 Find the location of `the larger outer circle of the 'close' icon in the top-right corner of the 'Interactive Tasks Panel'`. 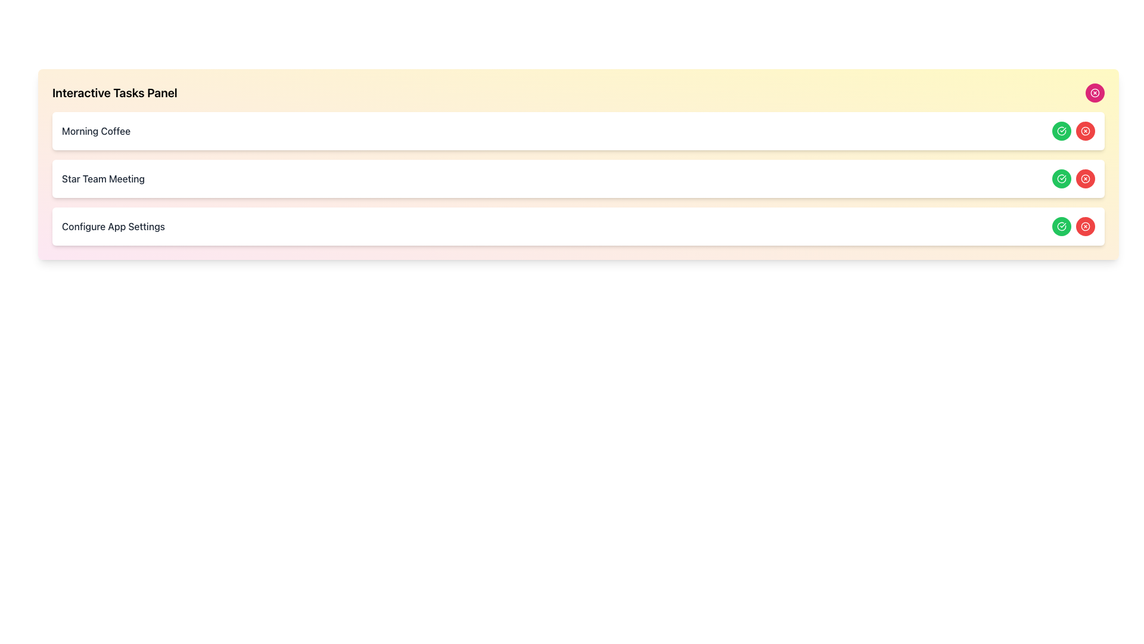

the larger outer circle of the 'close' icon in the top-right corner of the 'Interactive Tasks Panel' is located at coordinates (1086, 131).